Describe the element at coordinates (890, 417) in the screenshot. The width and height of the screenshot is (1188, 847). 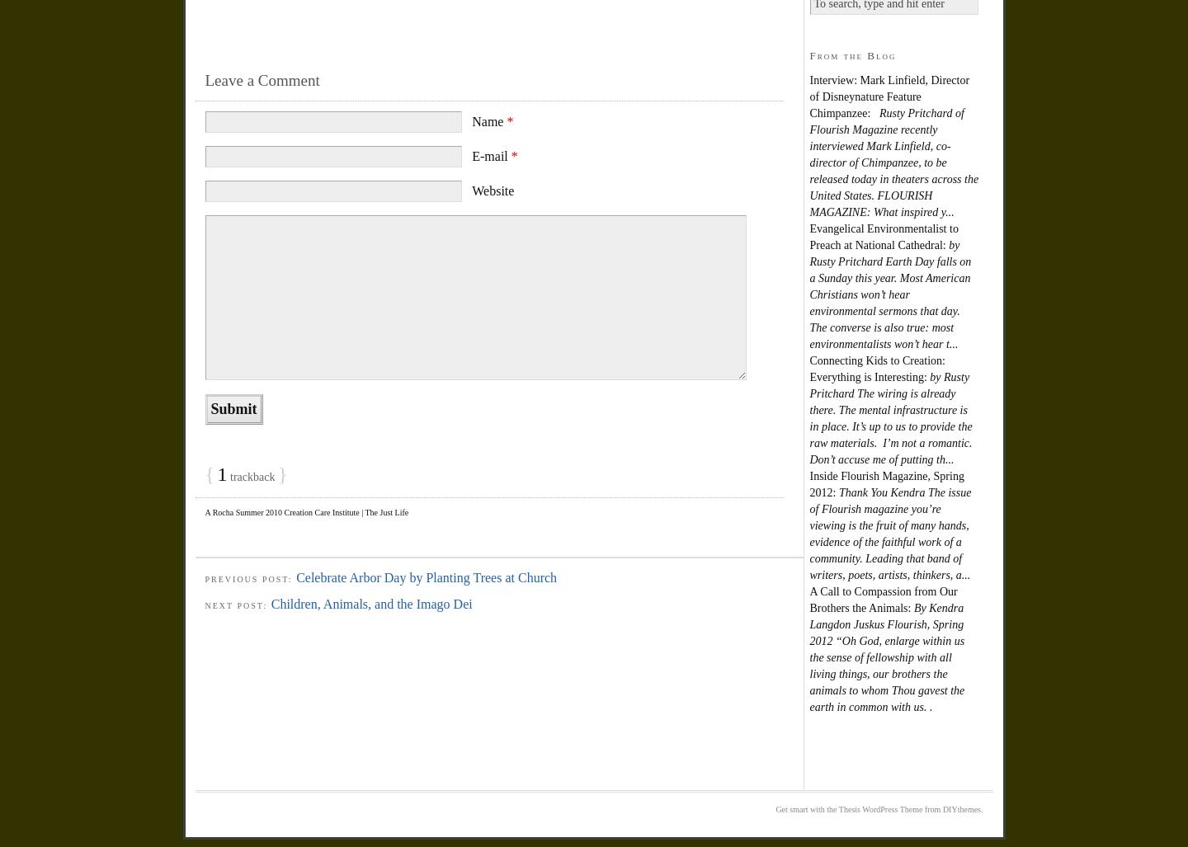
I see `'by Rusty Pritchard The wiring is already there. The mental infrastructure is in place. It’s up to us to provide the raw materials.  I’m not a romantic. Don’t accuse me of putting th...'` at that location.